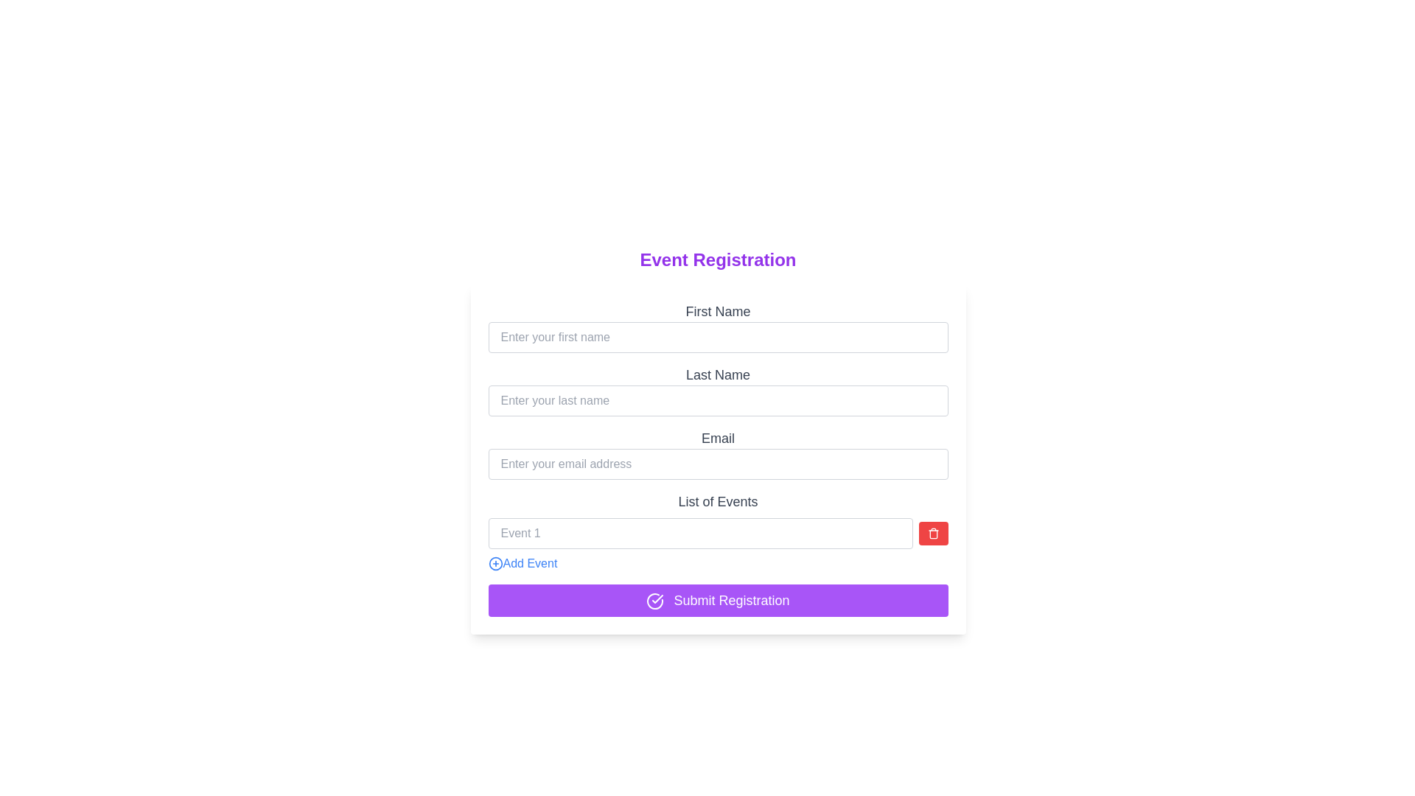 The height and width of the screenshot is (796, 1415). What do you see at coordinates (718, 600) in the screenshot?
I see `the submit button located at the bottom of the registration form` at bounding box center [718, 600].